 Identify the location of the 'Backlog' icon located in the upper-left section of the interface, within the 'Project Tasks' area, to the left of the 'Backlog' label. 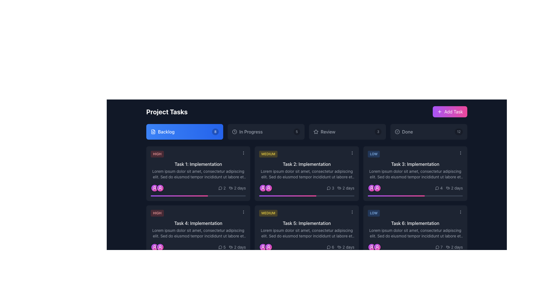
(153, 132).